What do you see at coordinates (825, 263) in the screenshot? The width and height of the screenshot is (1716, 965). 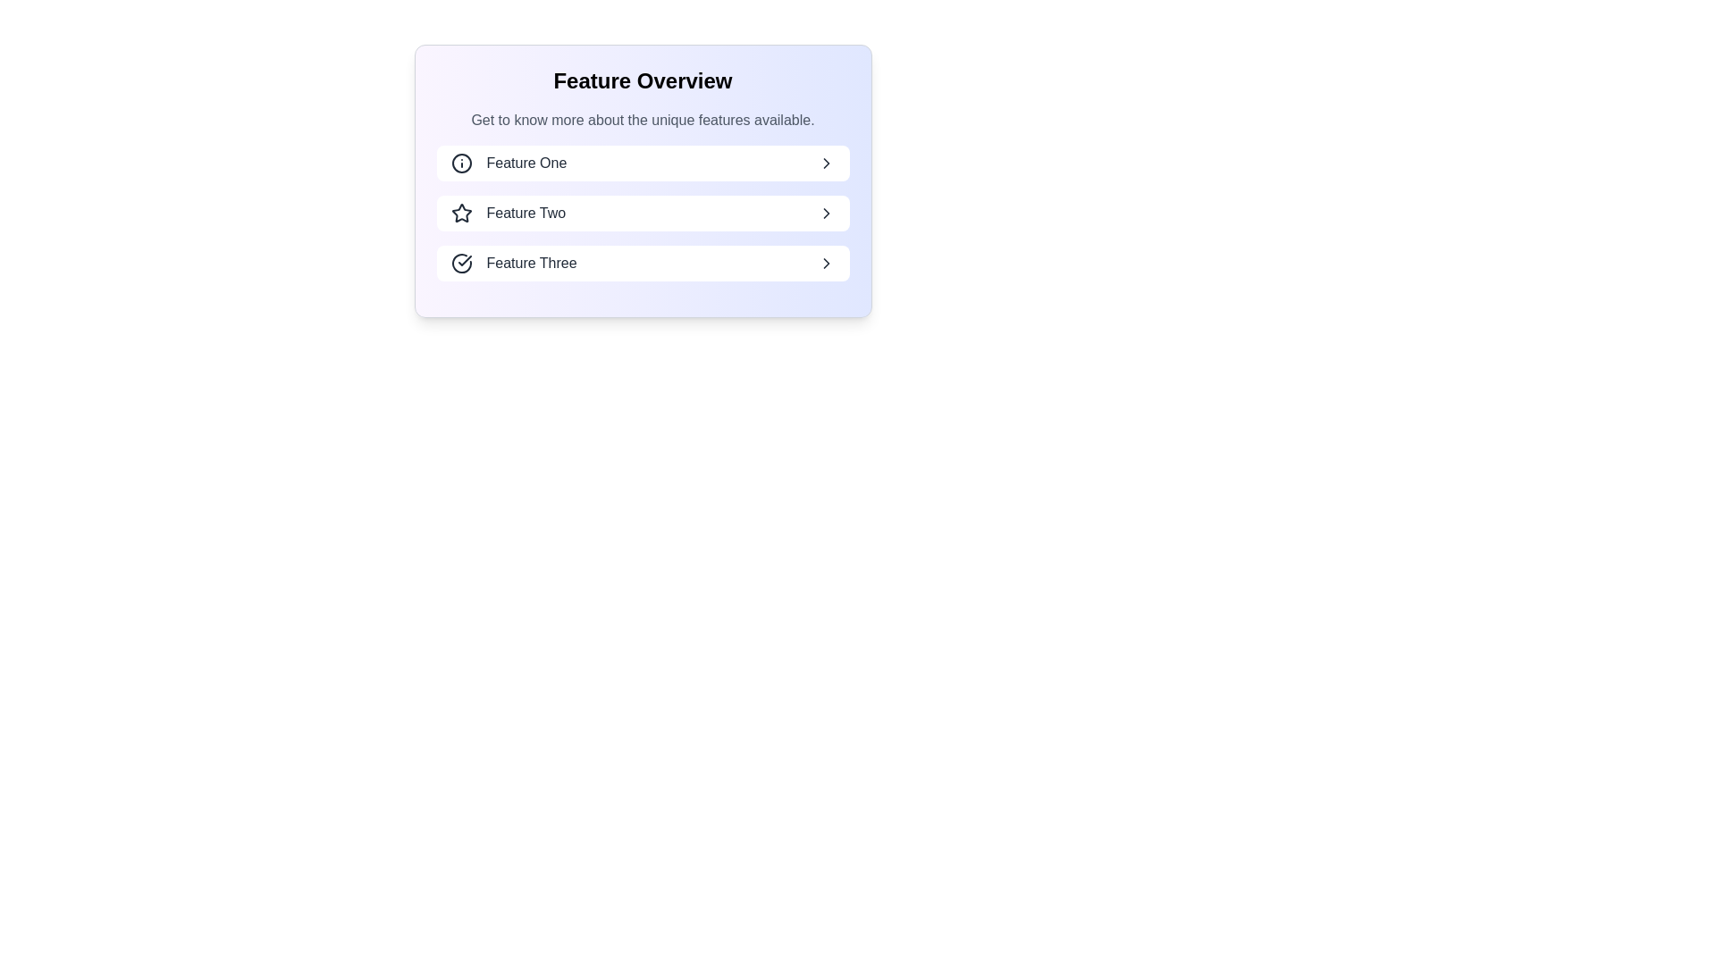 I see `the navigation icon located in the right-aligned section of 'Feature Three', which indicates further interaction options` at bounding box center [825, 263].